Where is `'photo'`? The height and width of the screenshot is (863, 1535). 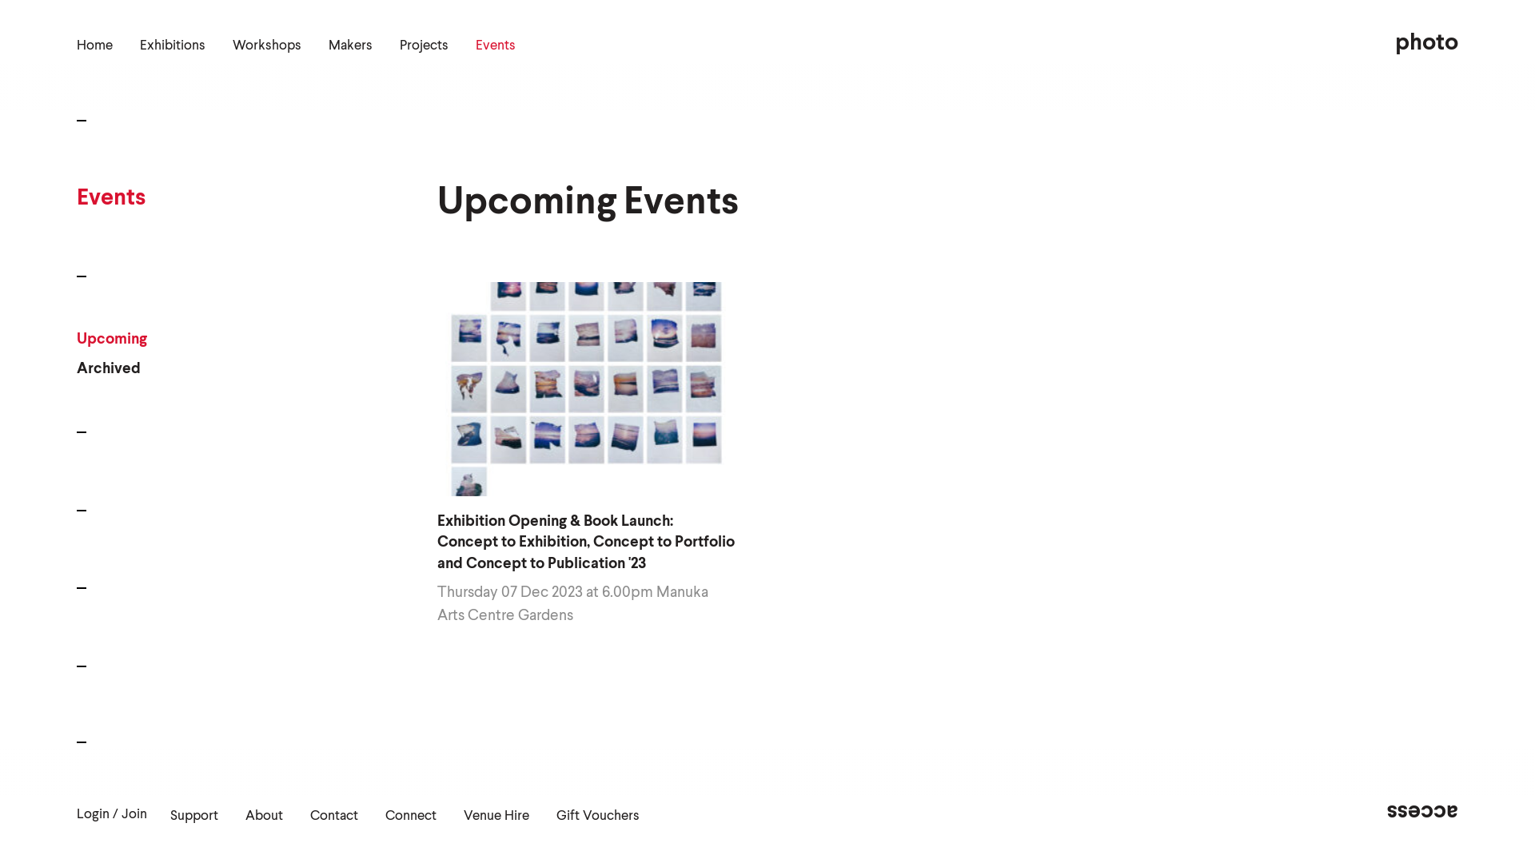
'photo' is located at coordinates (1426, 42).